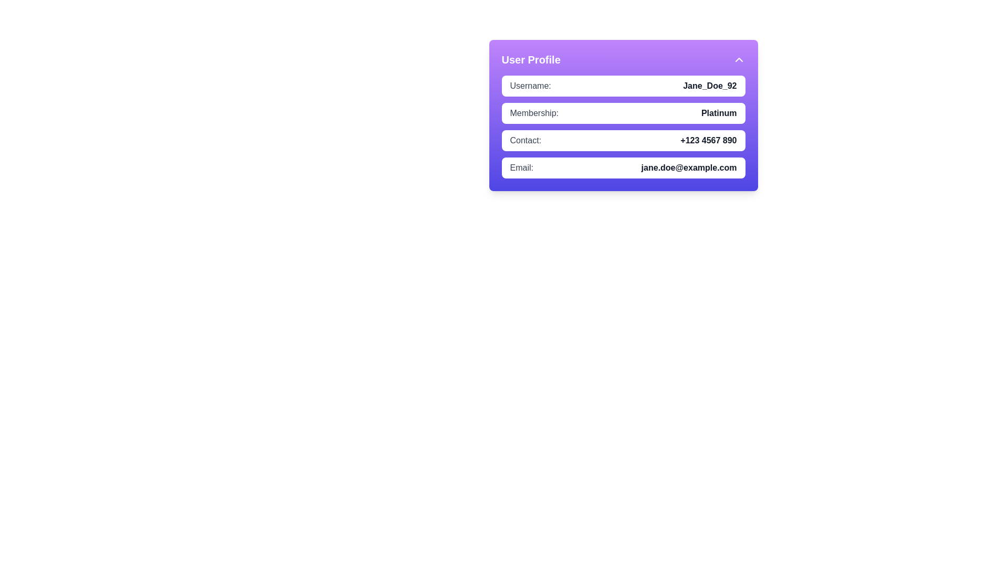 The width and height of the screenshot is (1008, 567). Describe the element at coordinates (534, 113) in the screenshot. I see `the text label 'Membership:' which is styled in gray and positioned to the left of 'Platinum' in the Membership section of the user profile card` at that location.